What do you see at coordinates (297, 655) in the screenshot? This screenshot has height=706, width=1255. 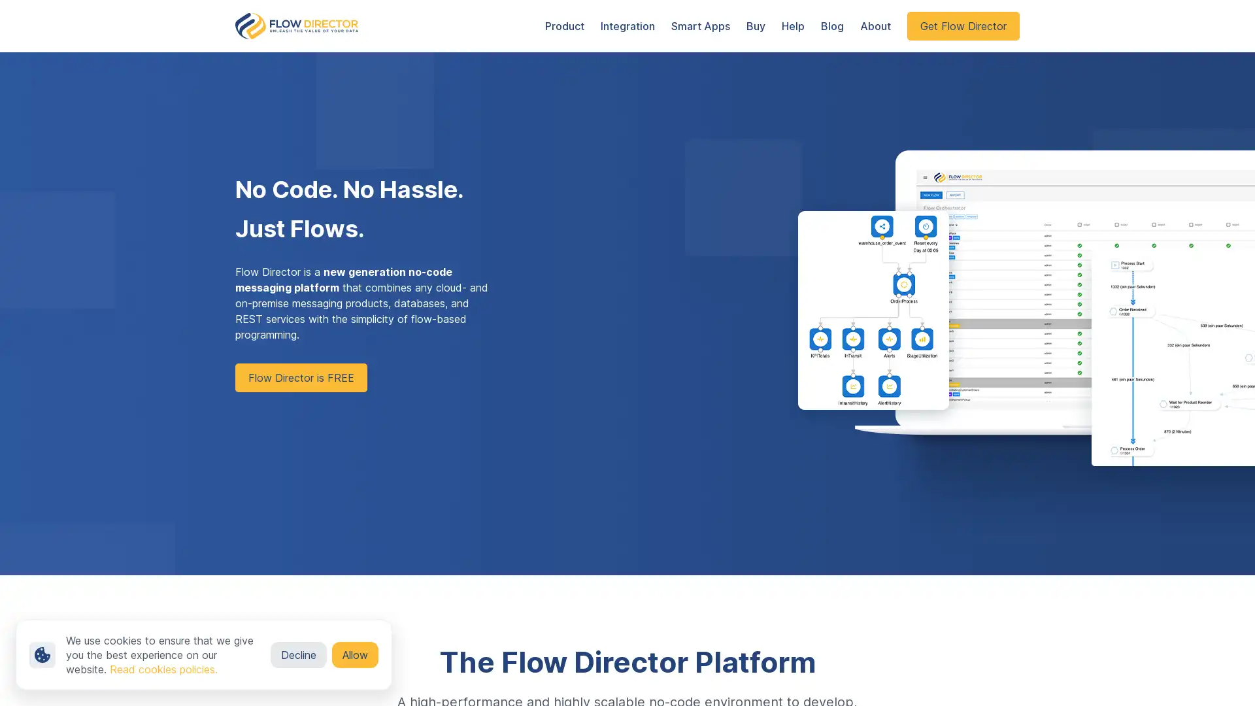 I see `Decline` at bounding box center [297, 655].